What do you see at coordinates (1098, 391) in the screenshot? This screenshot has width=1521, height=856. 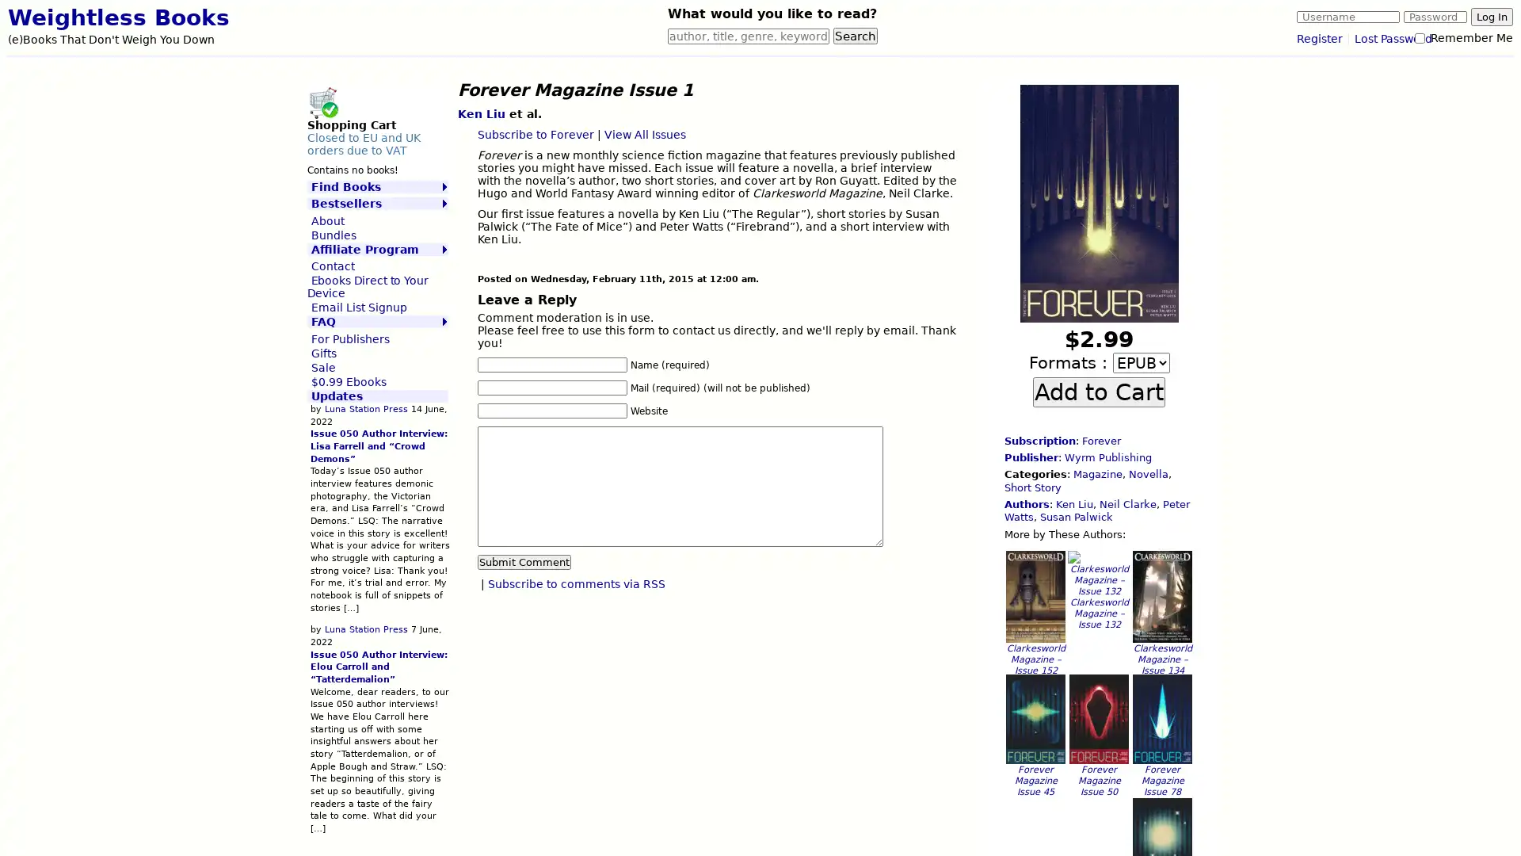 I see `Add to Cart` at bounding box center [1098, 391].